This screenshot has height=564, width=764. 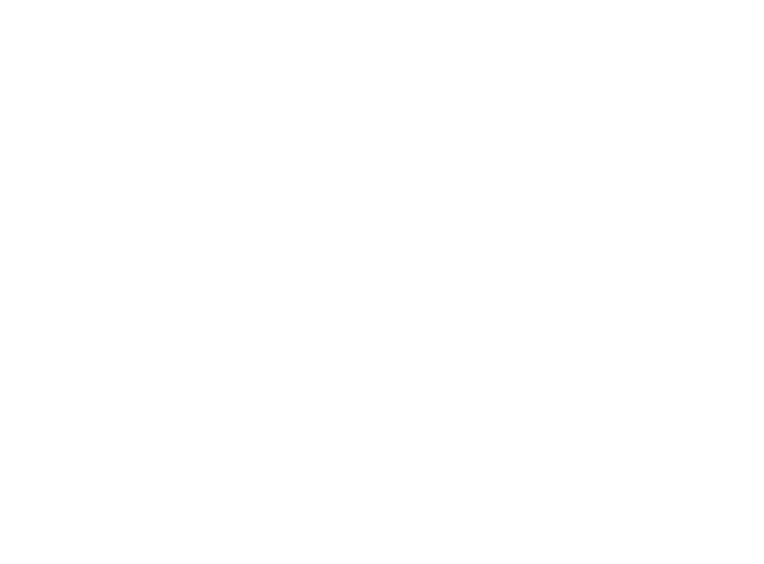 I want to click on 'Her sermon is based on a section of the sixth chapter of the Gospel of Luke, which describes Jesus coming down from a mountain to proclaim a series of blessings and woes.', so click(x=374, y=247).